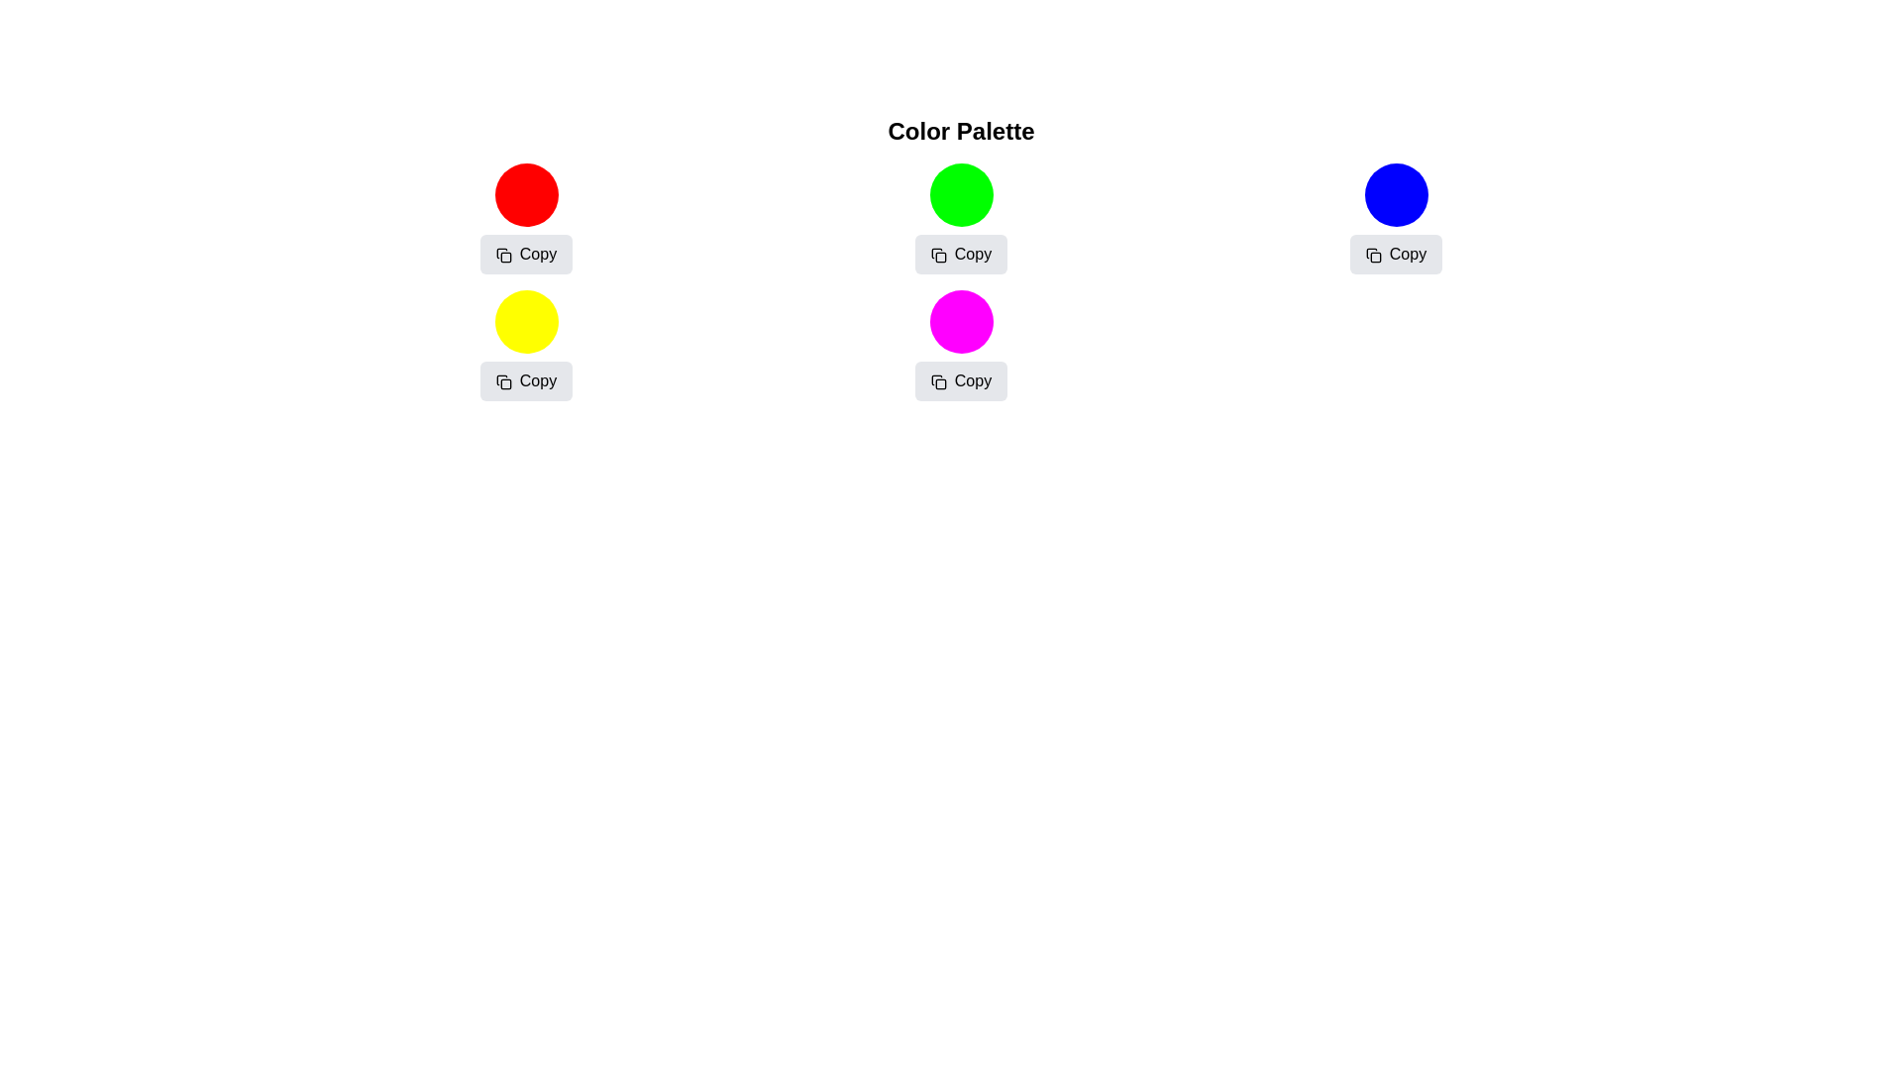  Describe the element at coordinates (961, 131) in the screenshot. I see `the static header labeled 'Color Palette' that is located in the upper part of the interface, centered horizontally above a grid of colored circles` at that location.